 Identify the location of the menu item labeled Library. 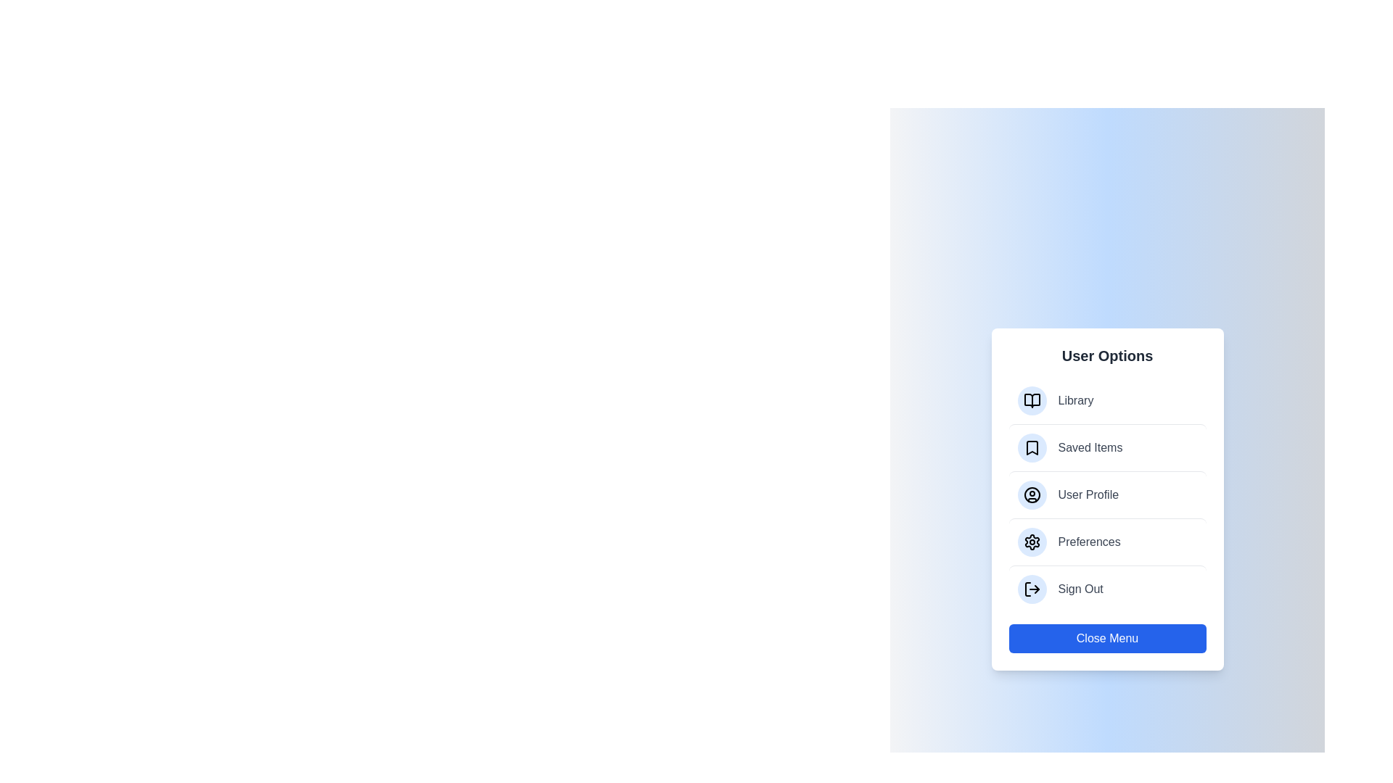
(1106, 400).